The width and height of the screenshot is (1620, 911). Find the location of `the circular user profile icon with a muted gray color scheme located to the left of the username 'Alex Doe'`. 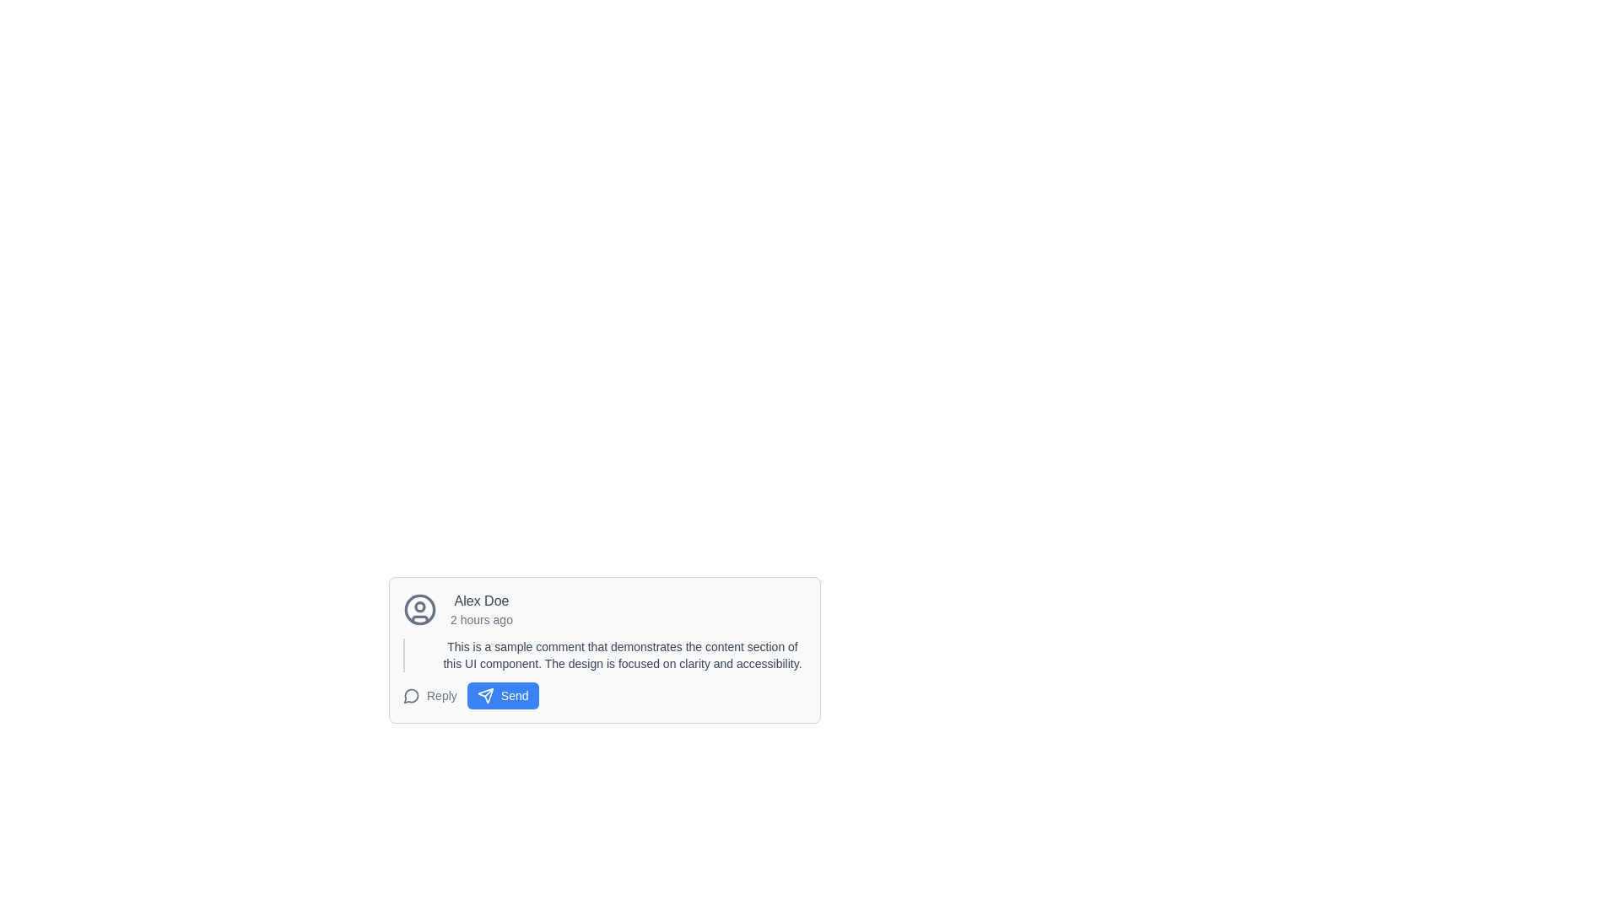

the circular user profile icon with a muted gray color scheme located to the left of the username 'Alex Doe' is located at coordinates (420, 609).